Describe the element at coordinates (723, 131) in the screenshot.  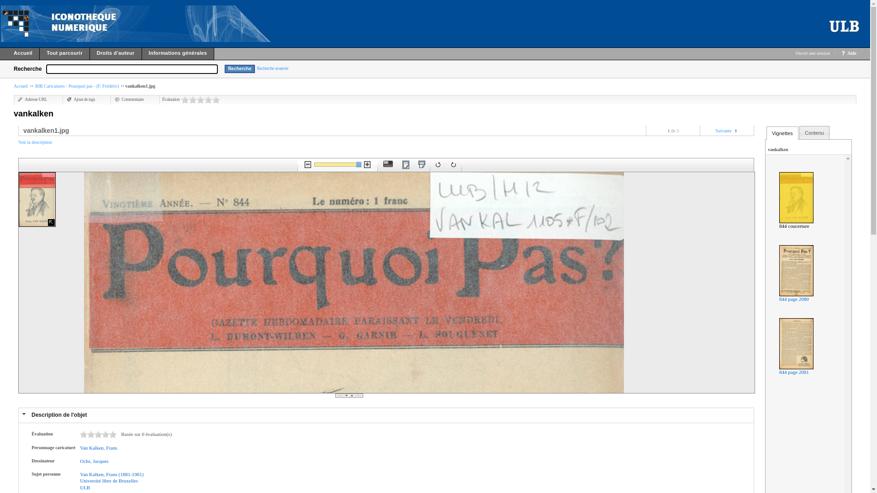
I see `'Suivante'` at that location.